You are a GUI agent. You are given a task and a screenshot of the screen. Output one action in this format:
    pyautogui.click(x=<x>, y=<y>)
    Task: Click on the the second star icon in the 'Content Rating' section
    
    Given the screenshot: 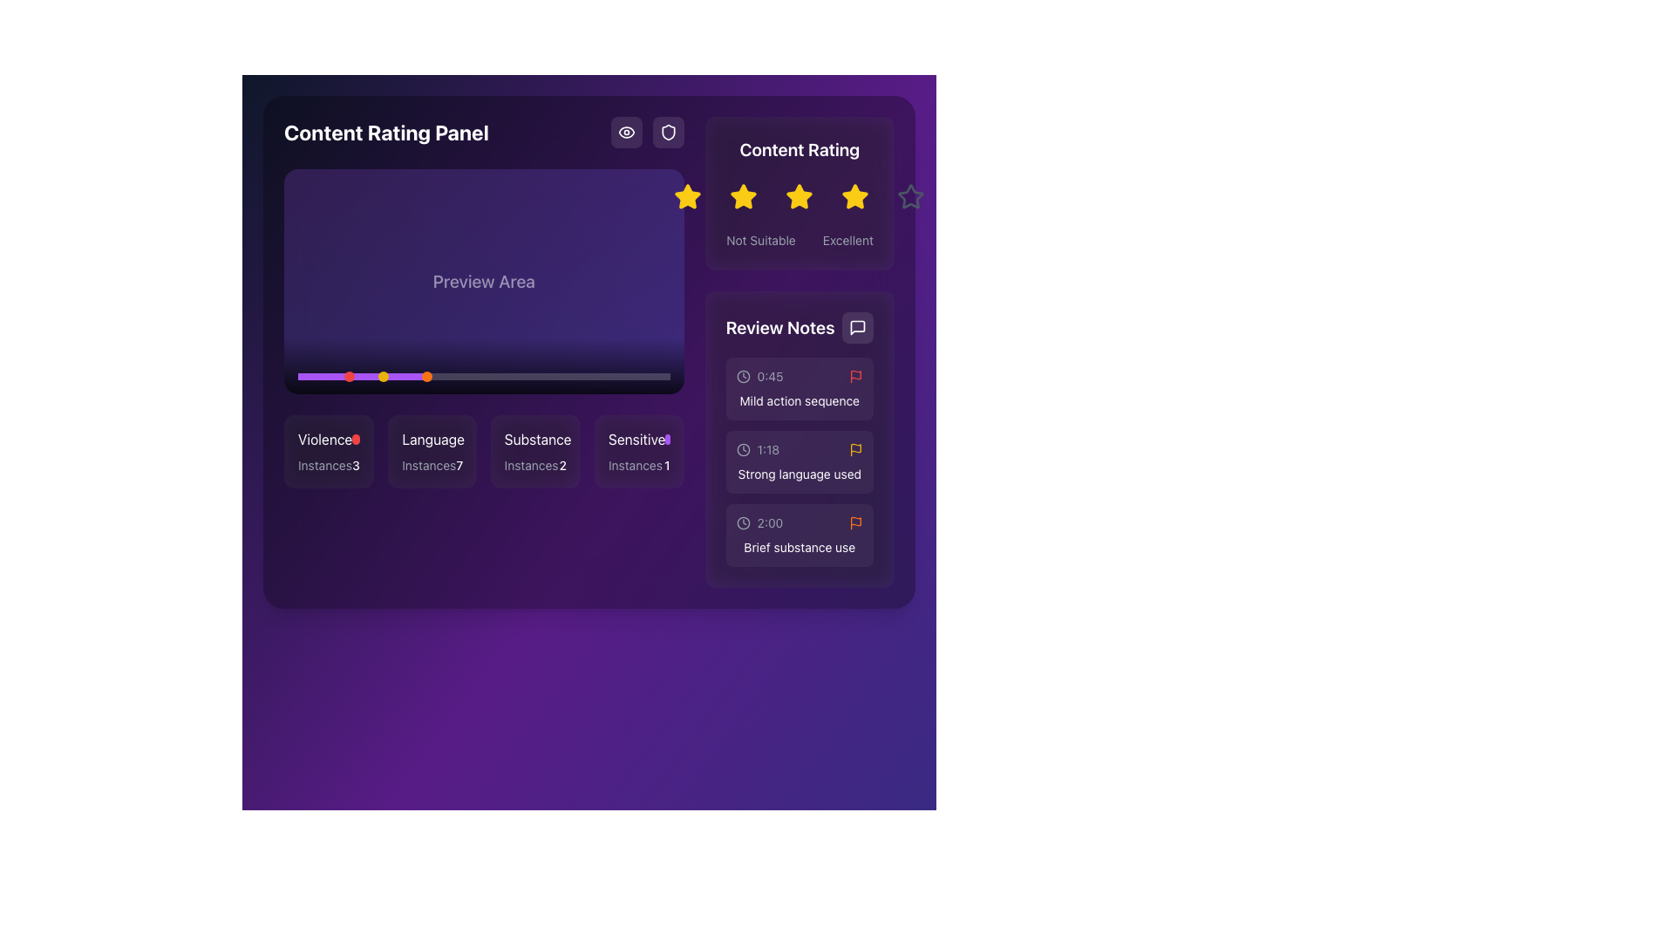 What is the action you would take?
    pyautogui.click(x=799, y=196)
    